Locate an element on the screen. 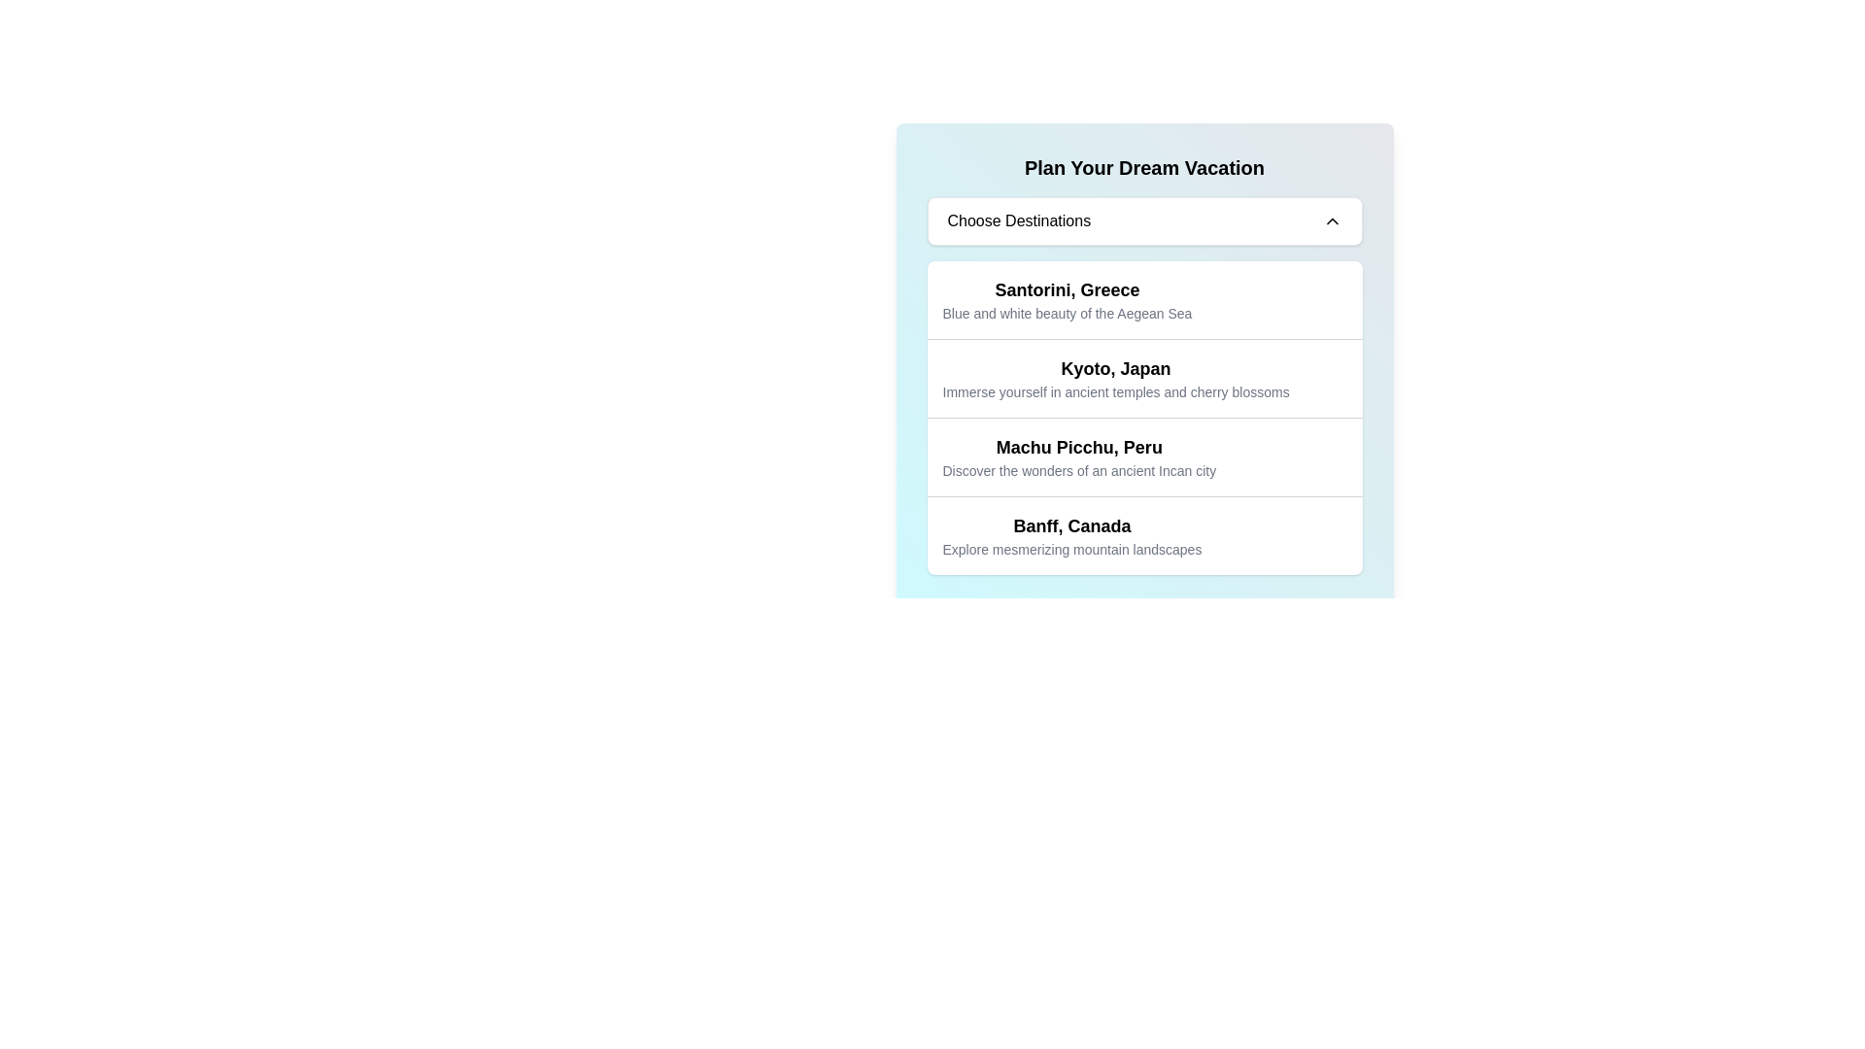 Image resolution: width=1865 pixels, height=1049 pixels. the text block displaying 'Kyoto, Japan Immerse yourself in ancient temples and cherry blossoms', which is the second option in the selectable list is located at coordinates (1144, 364).